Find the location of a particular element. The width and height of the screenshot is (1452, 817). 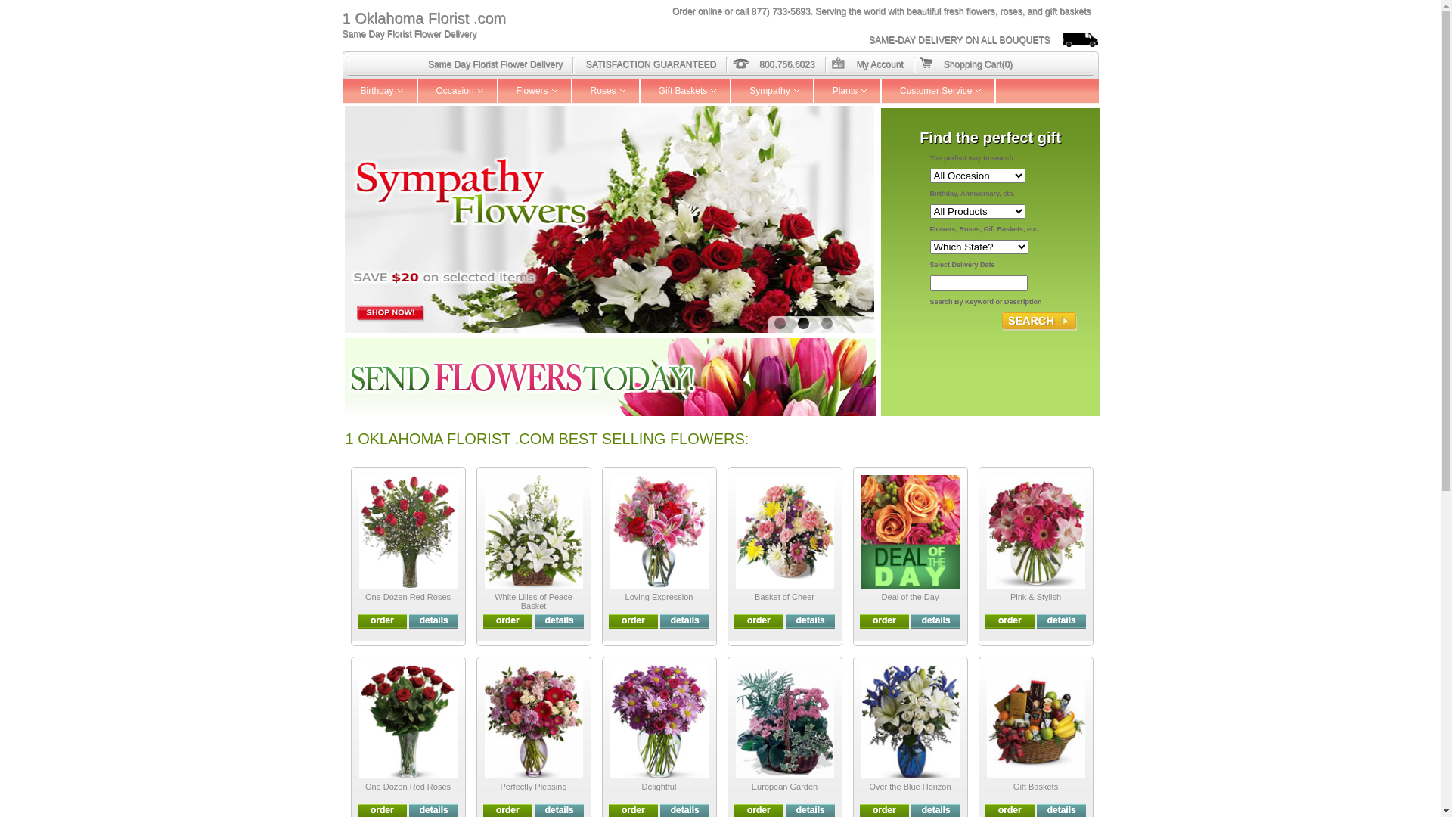

'Search' is located at coordinates (1038, 320).